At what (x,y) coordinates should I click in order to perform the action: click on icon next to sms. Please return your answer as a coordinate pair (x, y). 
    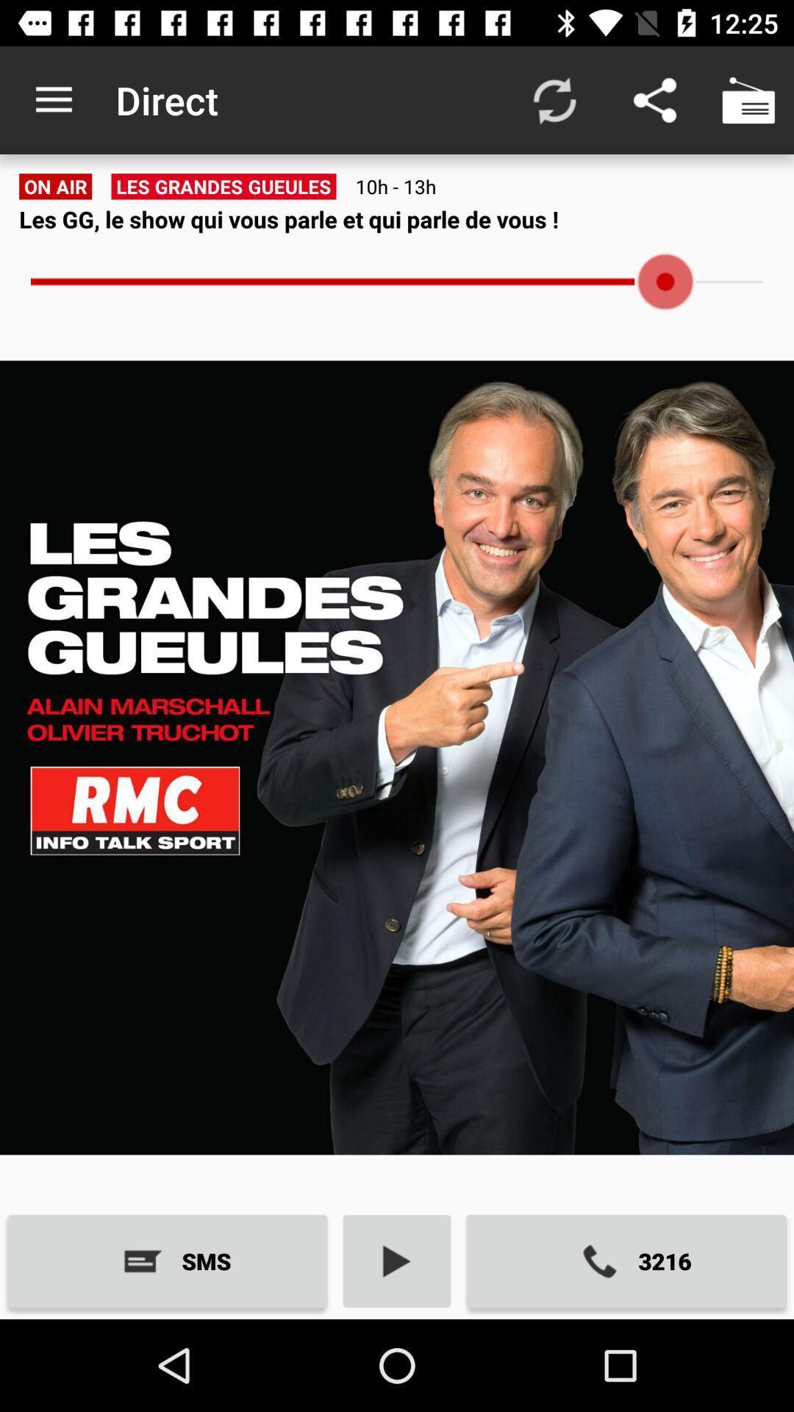
    Looking at the image, I should click on (397, 1261).